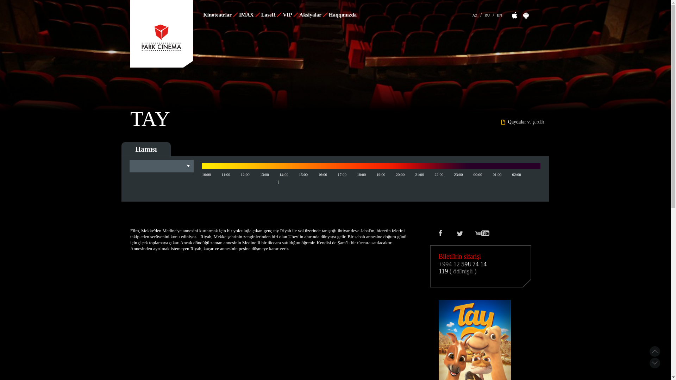 The width and height of the screenshot is (676, 380). I want to click on 'VIP', so click(290, 15).